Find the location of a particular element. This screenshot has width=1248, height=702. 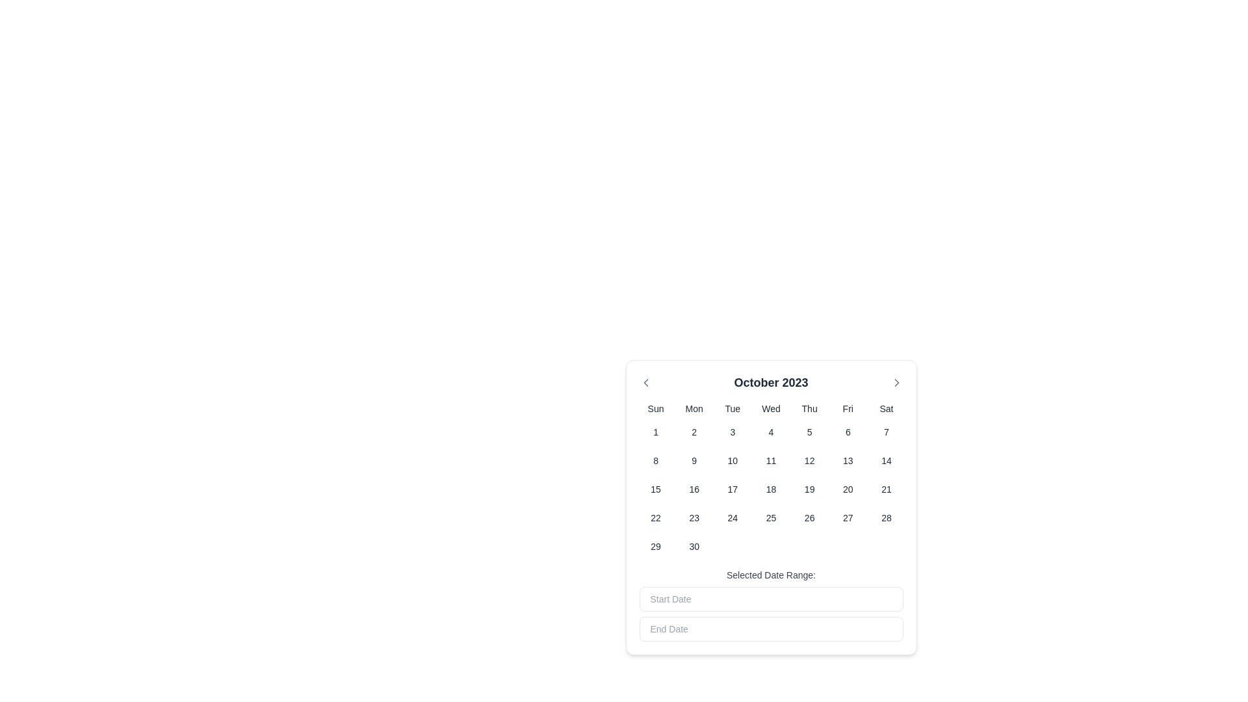

the rounded button labeled '26' located in the calendar grid under the 'Thu' header, positioned in the fifth column of the row starting with '22' is located at coordinates (809, 517).